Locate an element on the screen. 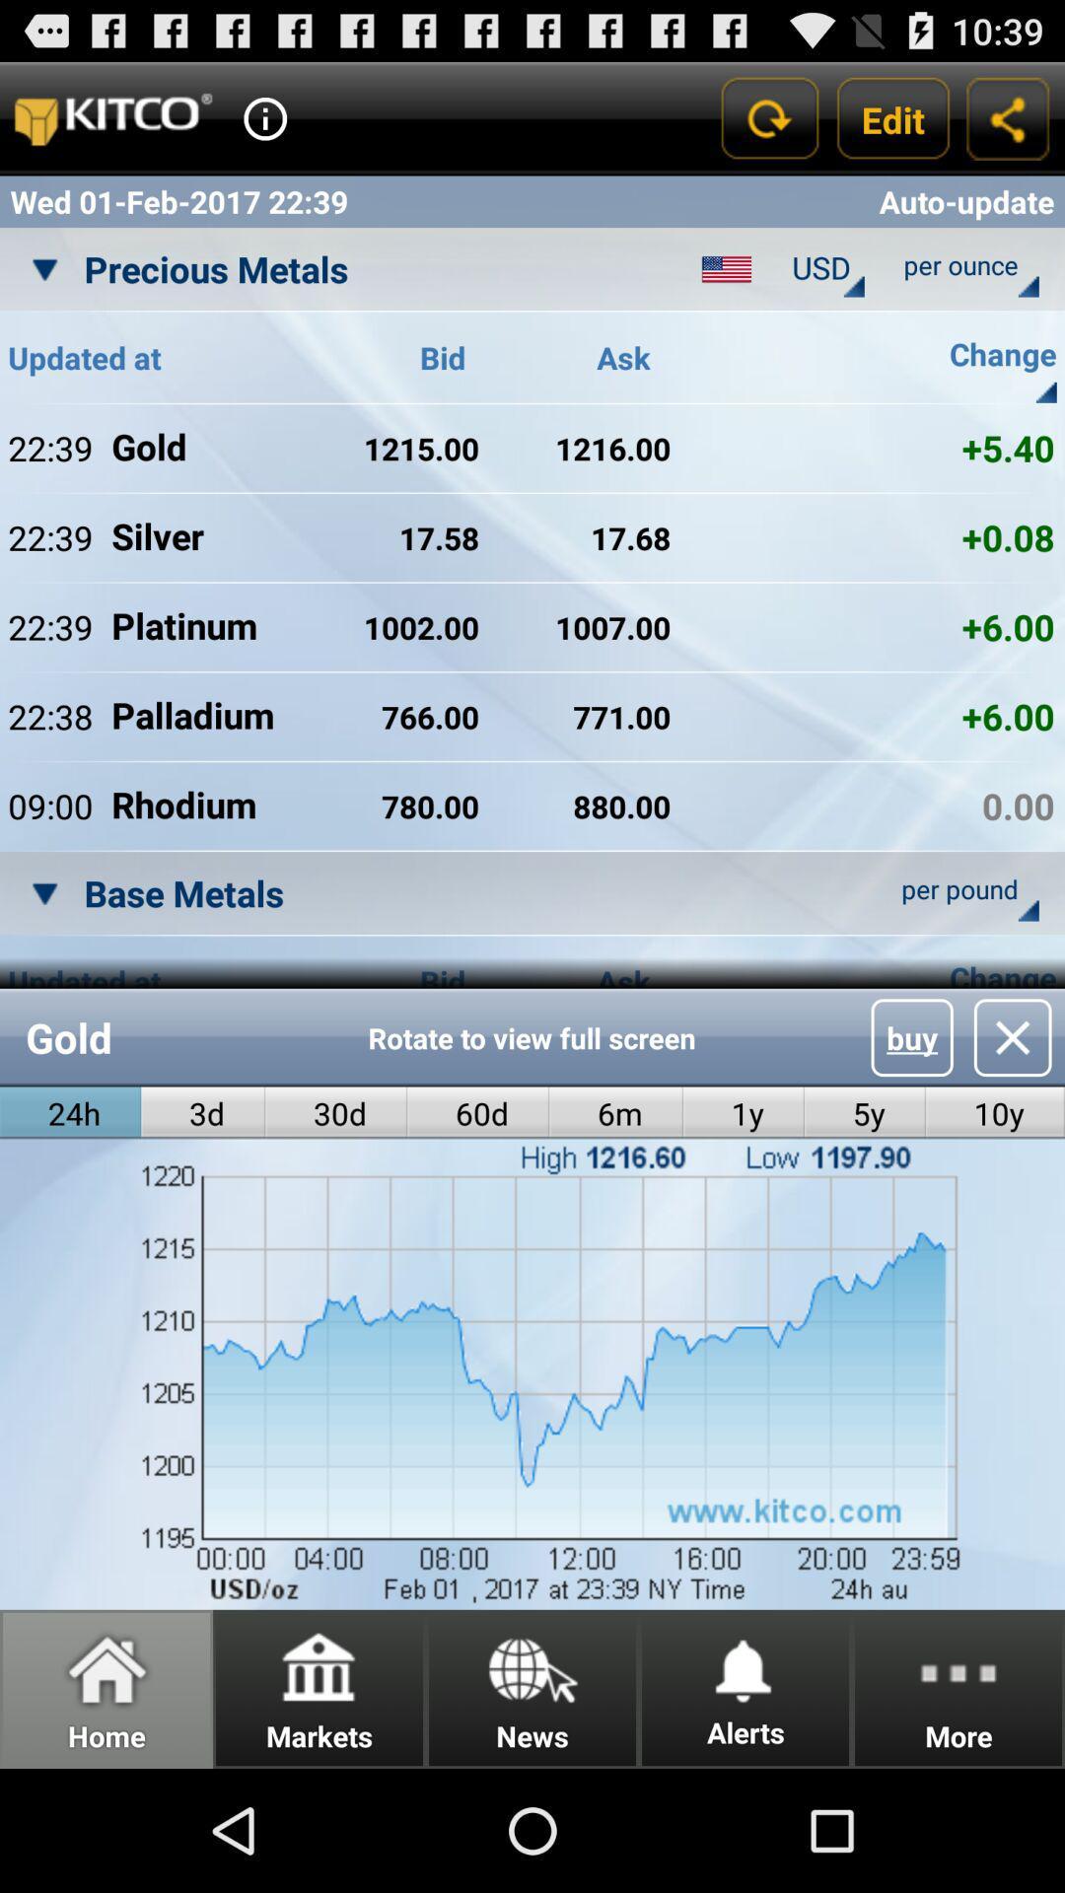  information button is located at coordinates (264, 117).